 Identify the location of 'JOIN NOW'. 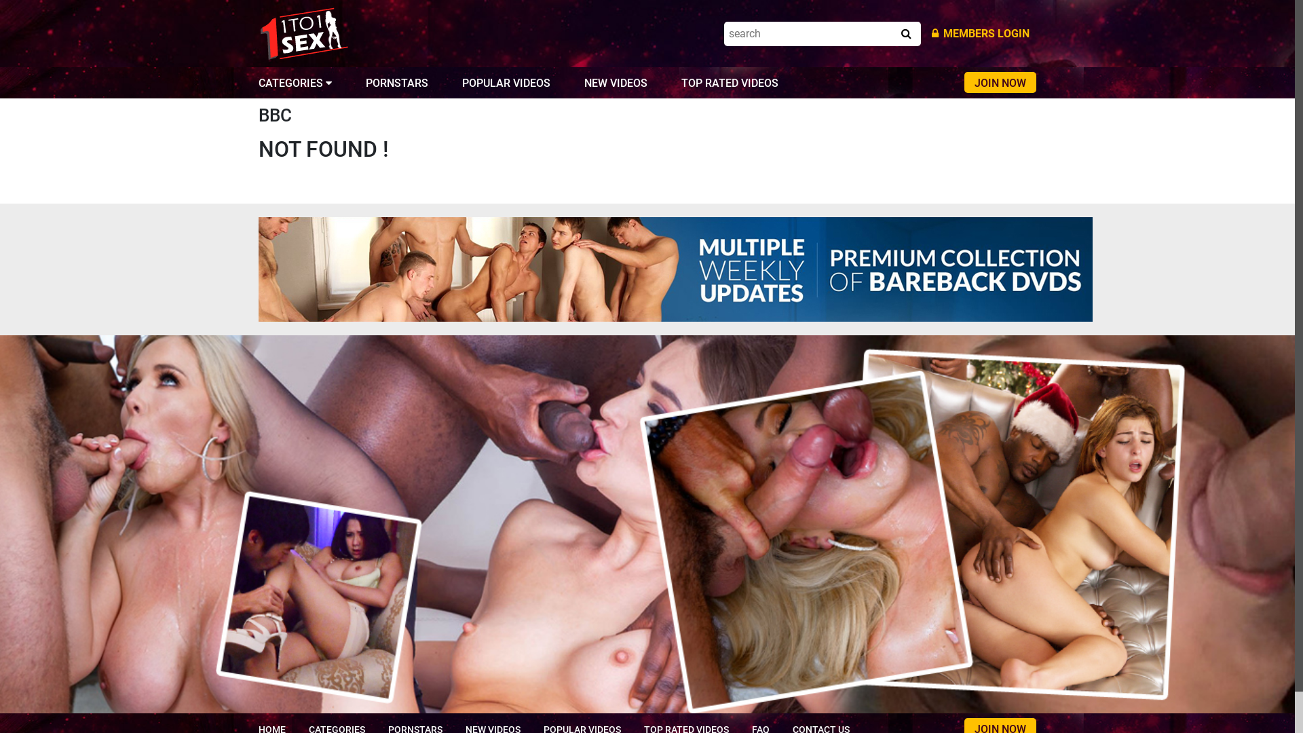
(1000, 82).